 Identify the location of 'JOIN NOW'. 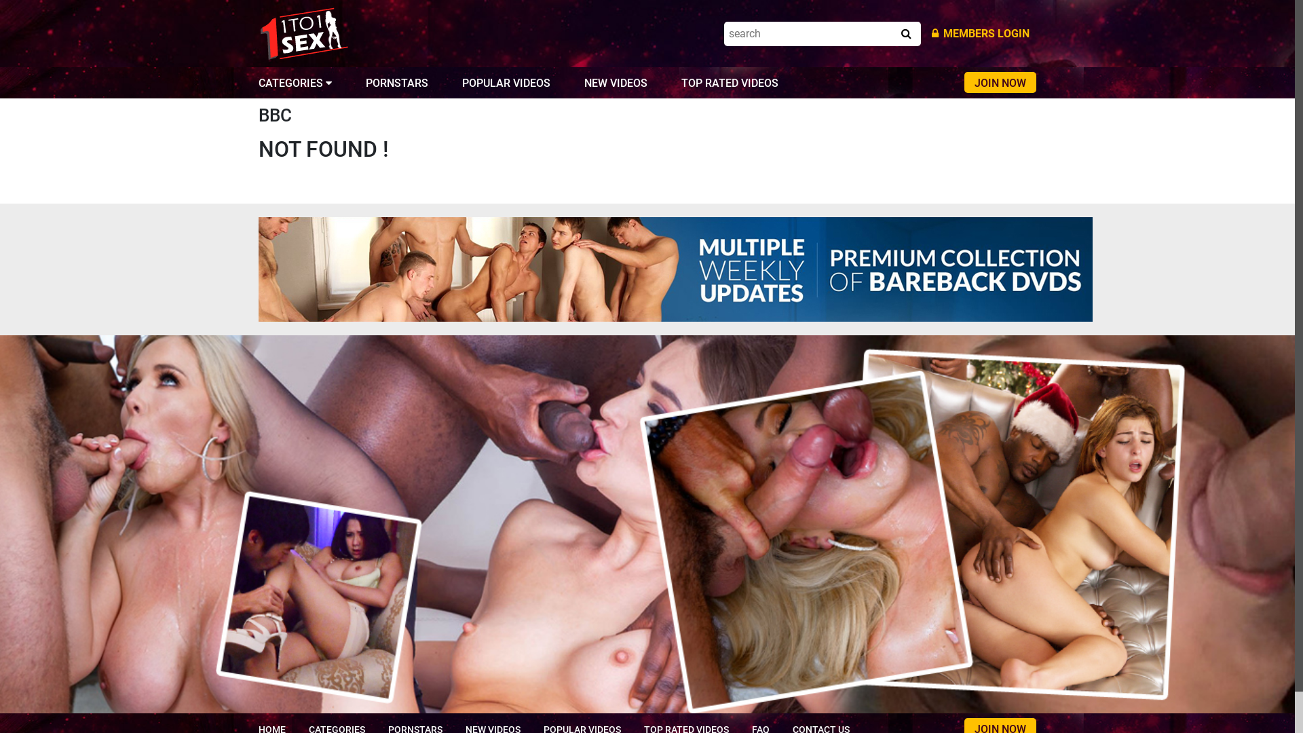
(1000, 82).